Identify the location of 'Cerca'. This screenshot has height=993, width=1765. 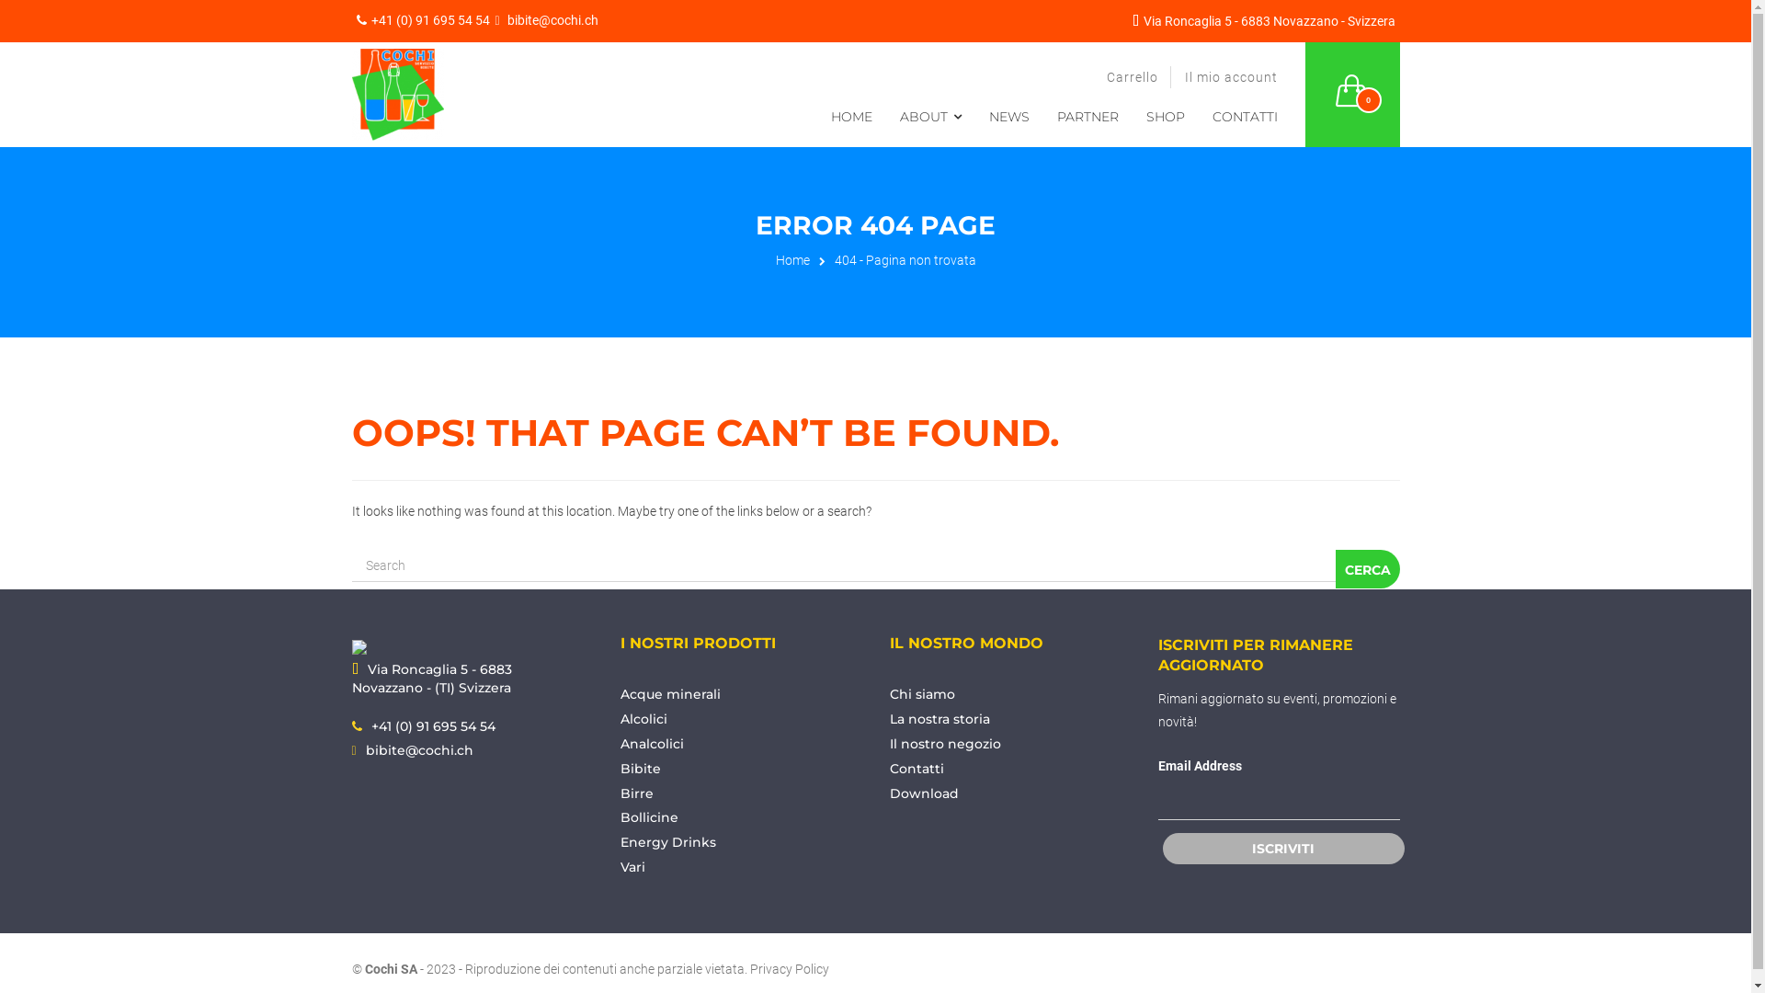
(1367, 567).